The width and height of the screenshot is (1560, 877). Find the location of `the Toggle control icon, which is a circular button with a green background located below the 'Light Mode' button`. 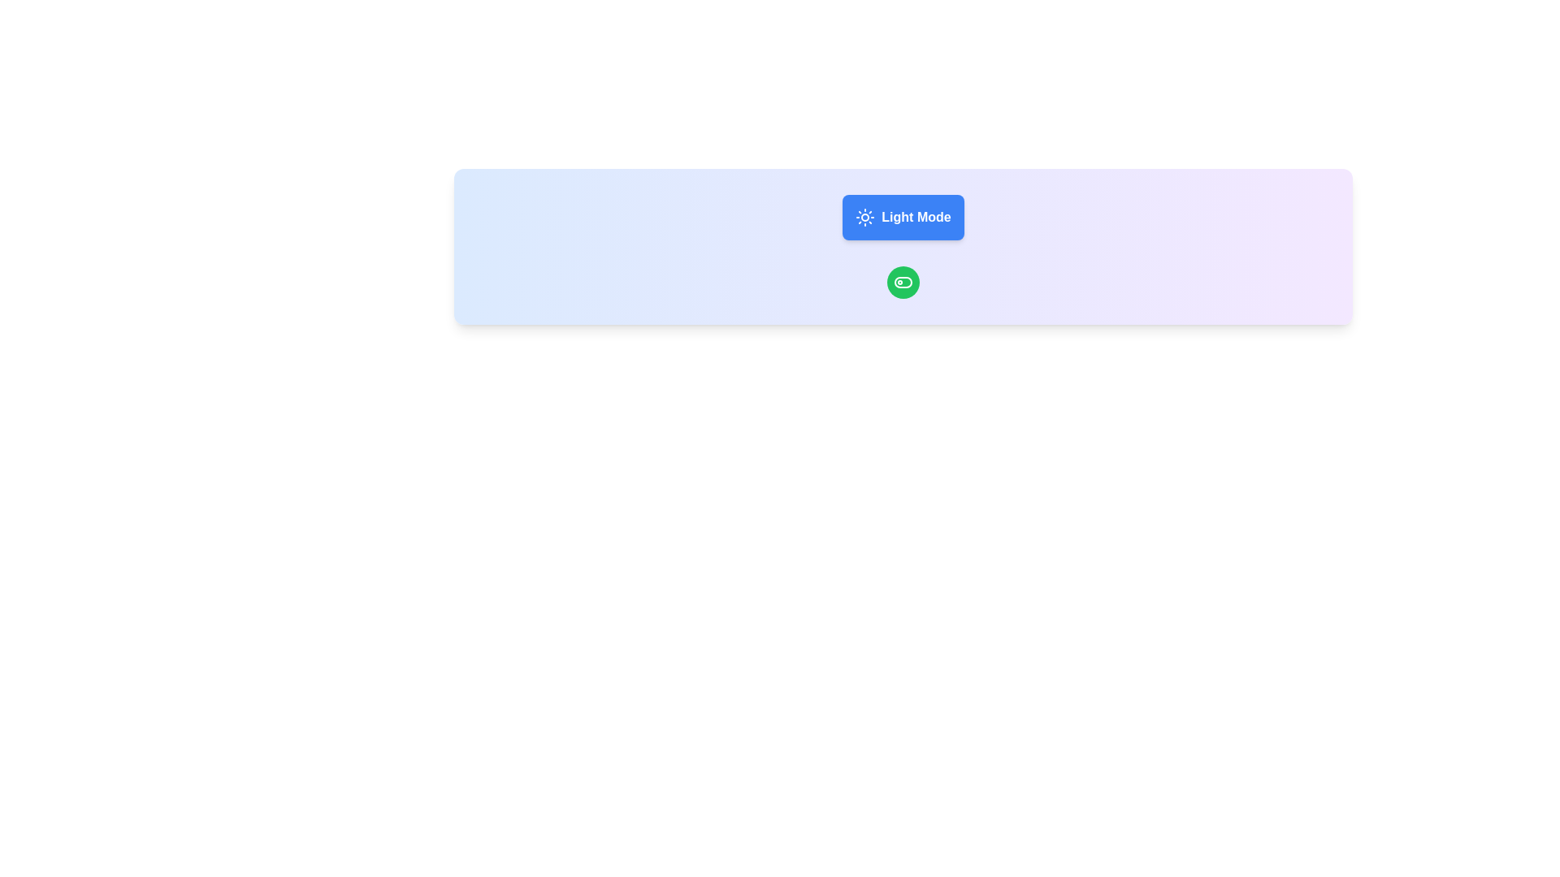

the Toggle control icon, which is a circular button with a green background located below the 'Light Mode' button is located at coordinates (903, 281).